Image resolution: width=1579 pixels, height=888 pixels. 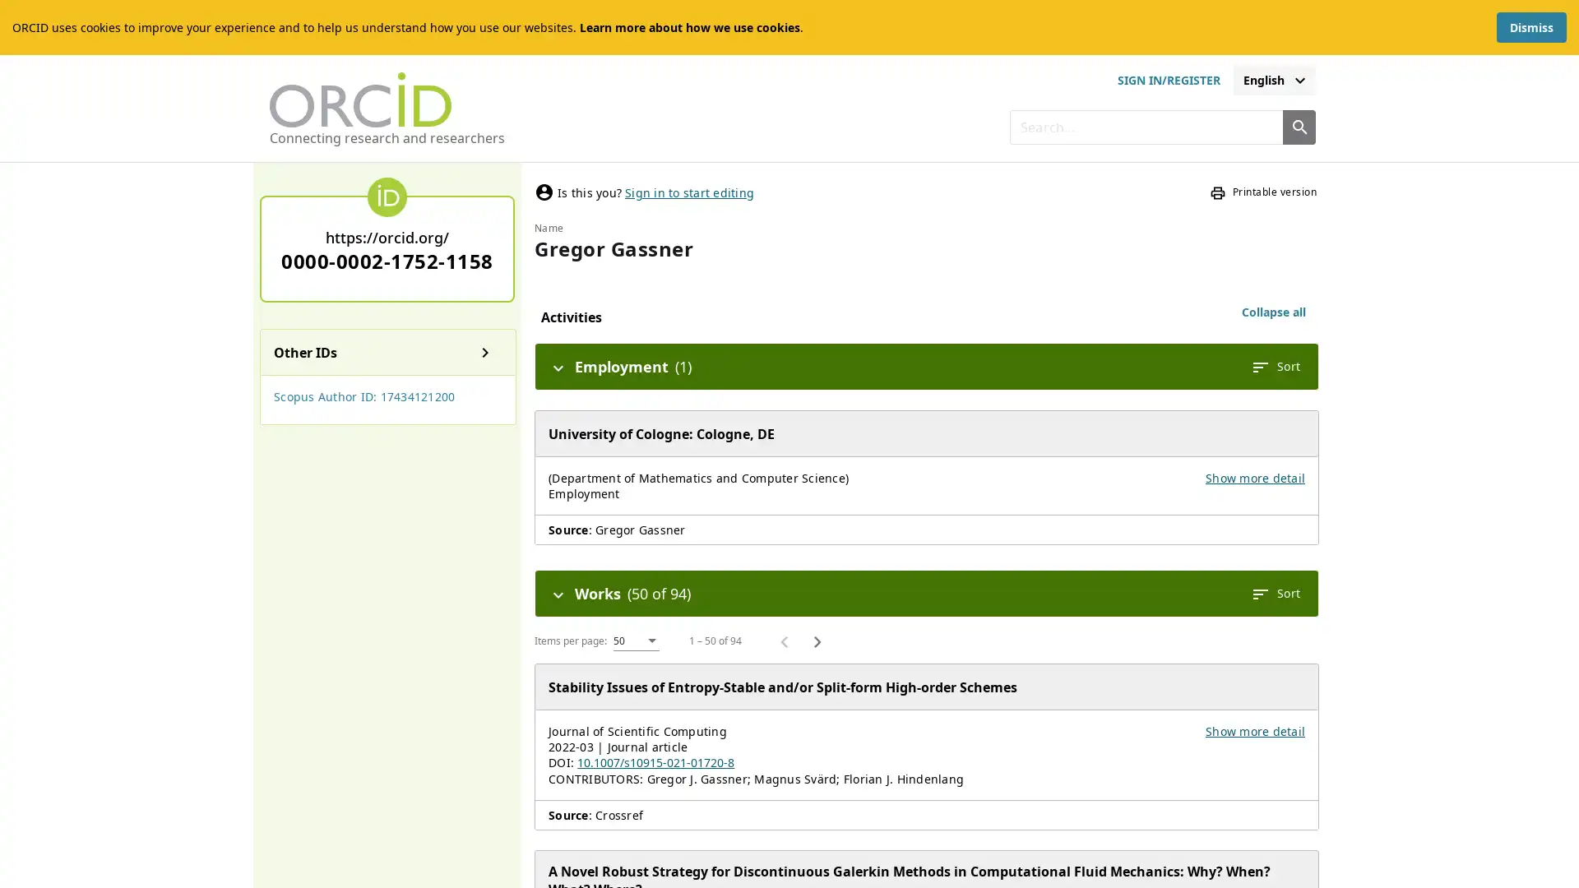 What do you see at coordinates (1254, 478) in the screenshot?
I see `Show more detail` at bounding box center [1254, 478].